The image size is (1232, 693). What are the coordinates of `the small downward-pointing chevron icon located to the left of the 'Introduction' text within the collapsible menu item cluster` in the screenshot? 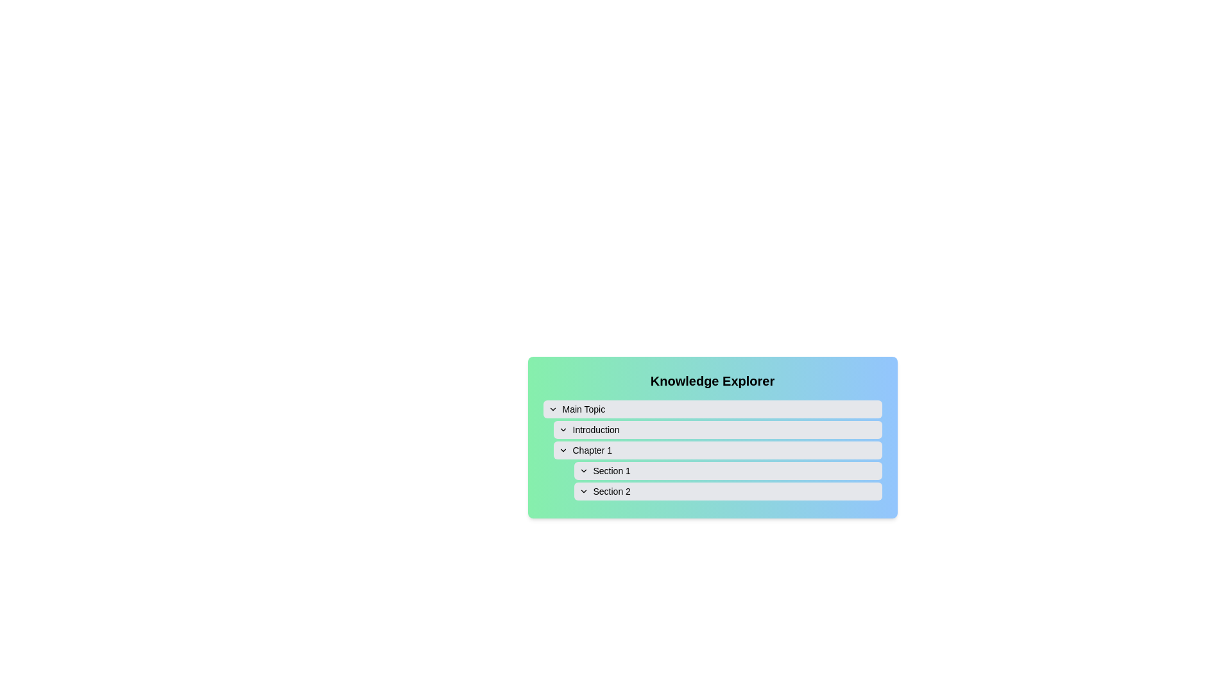 It's located at (563, 430).